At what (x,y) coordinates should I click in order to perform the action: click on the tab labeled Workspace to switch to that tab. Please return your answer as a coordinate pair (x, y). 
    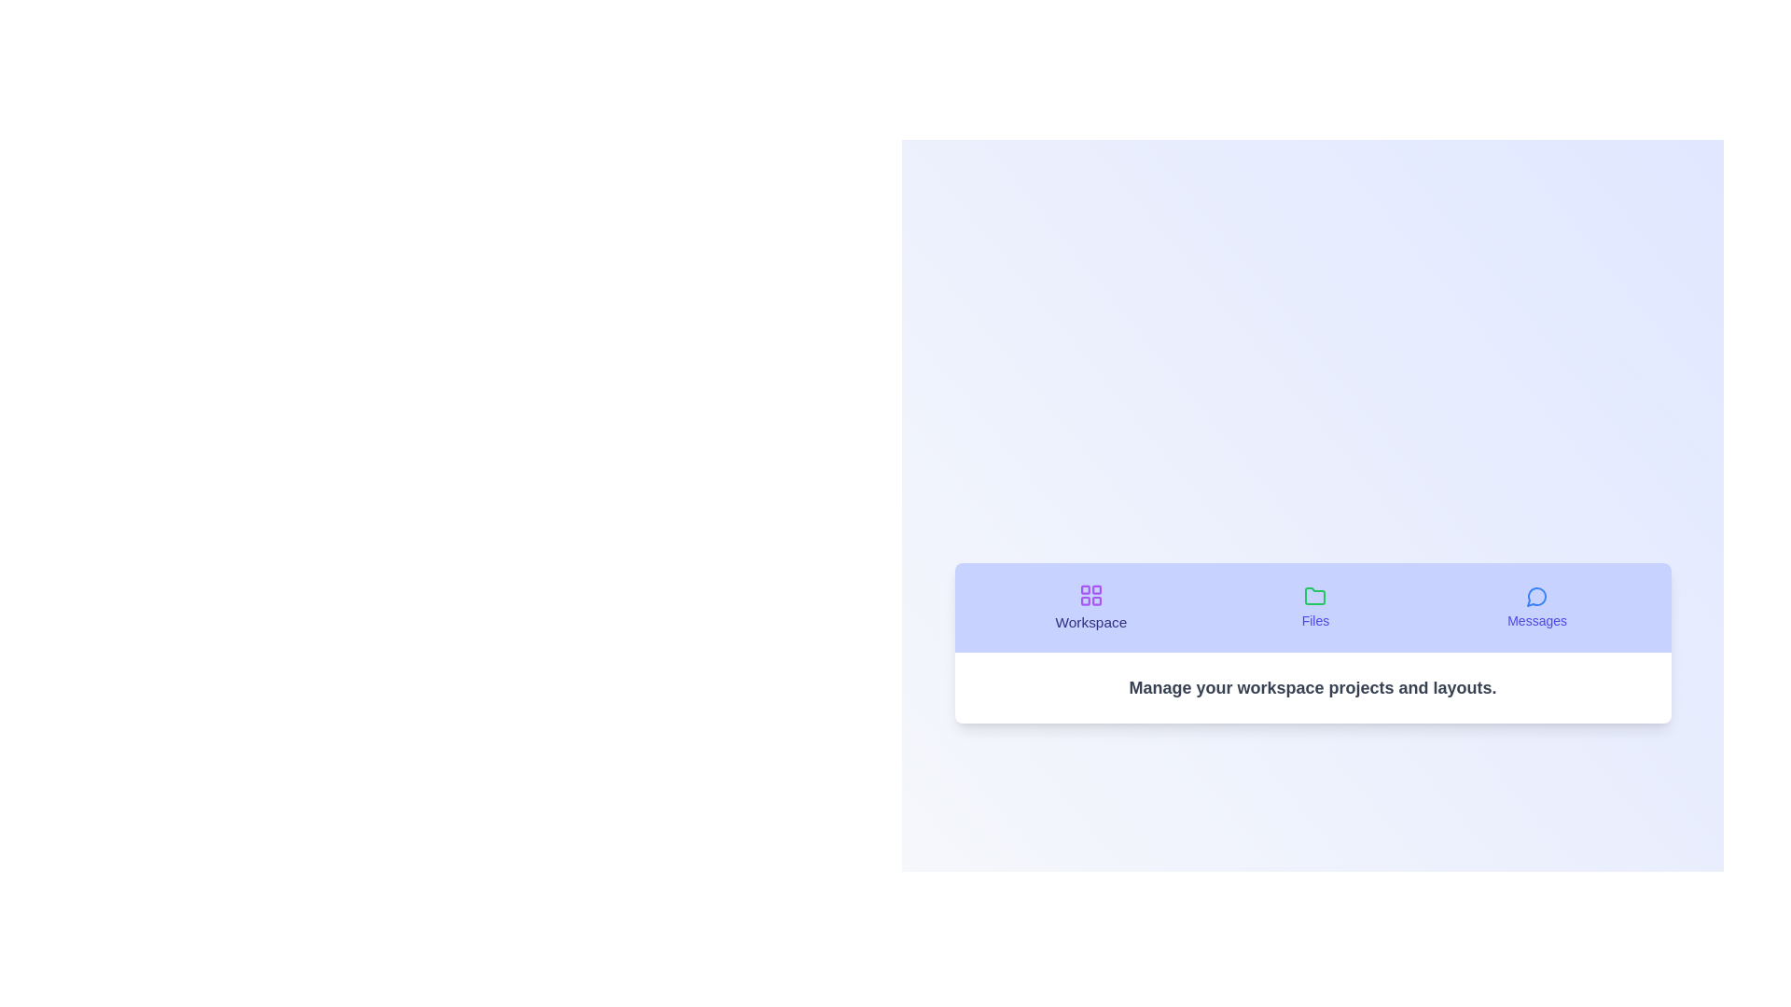
    Looking at the image, I should click on (1090, 607).